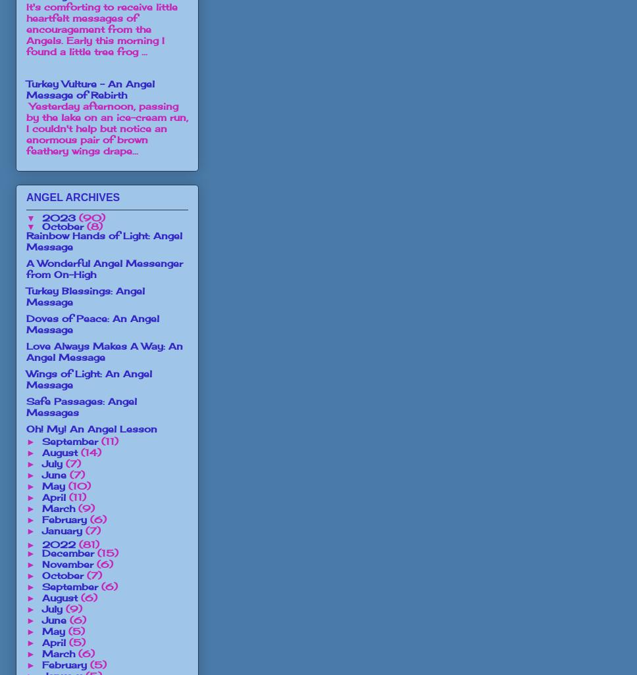  Describe the element at coordinates (59, 544) in the screenshot. I see `'2022'` at that location.